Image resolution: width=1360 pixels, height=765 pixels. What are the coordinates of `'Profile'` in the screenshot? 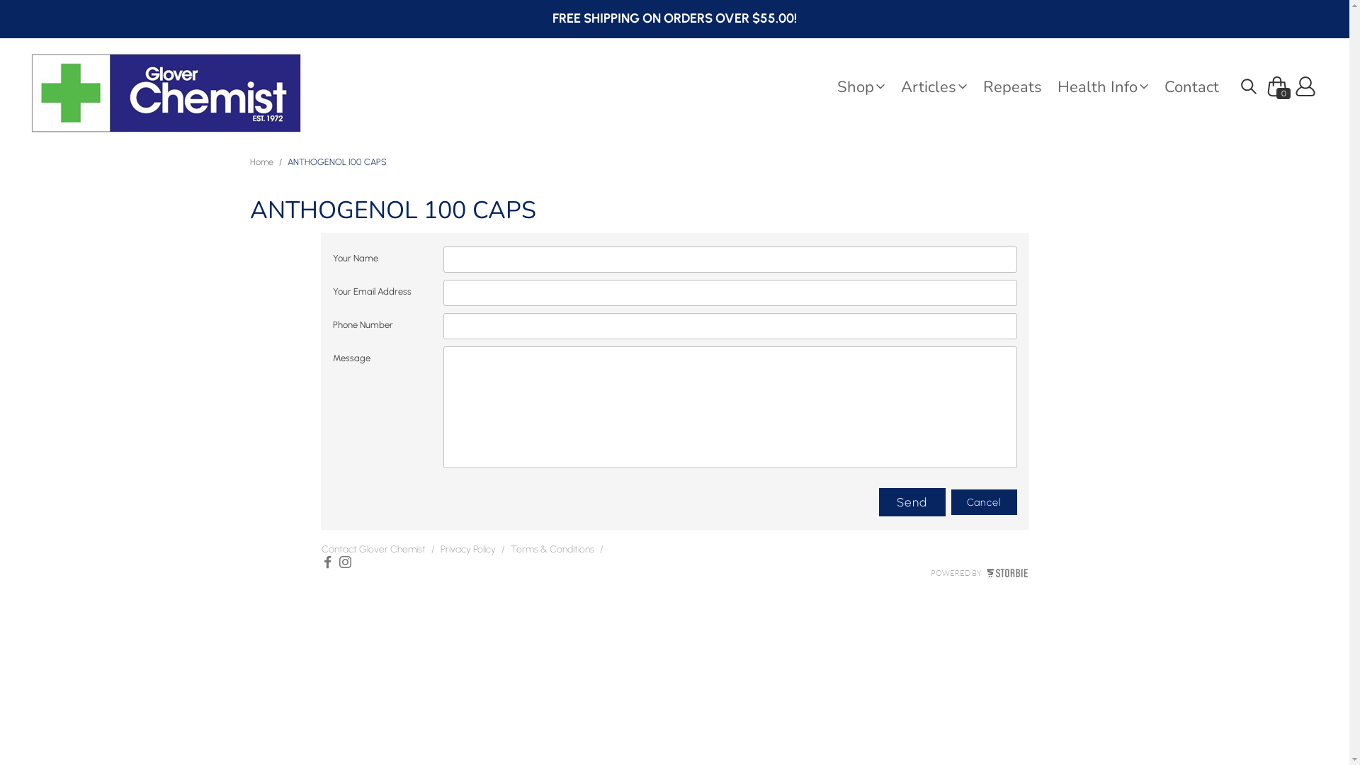 It's located at (1291, 86).